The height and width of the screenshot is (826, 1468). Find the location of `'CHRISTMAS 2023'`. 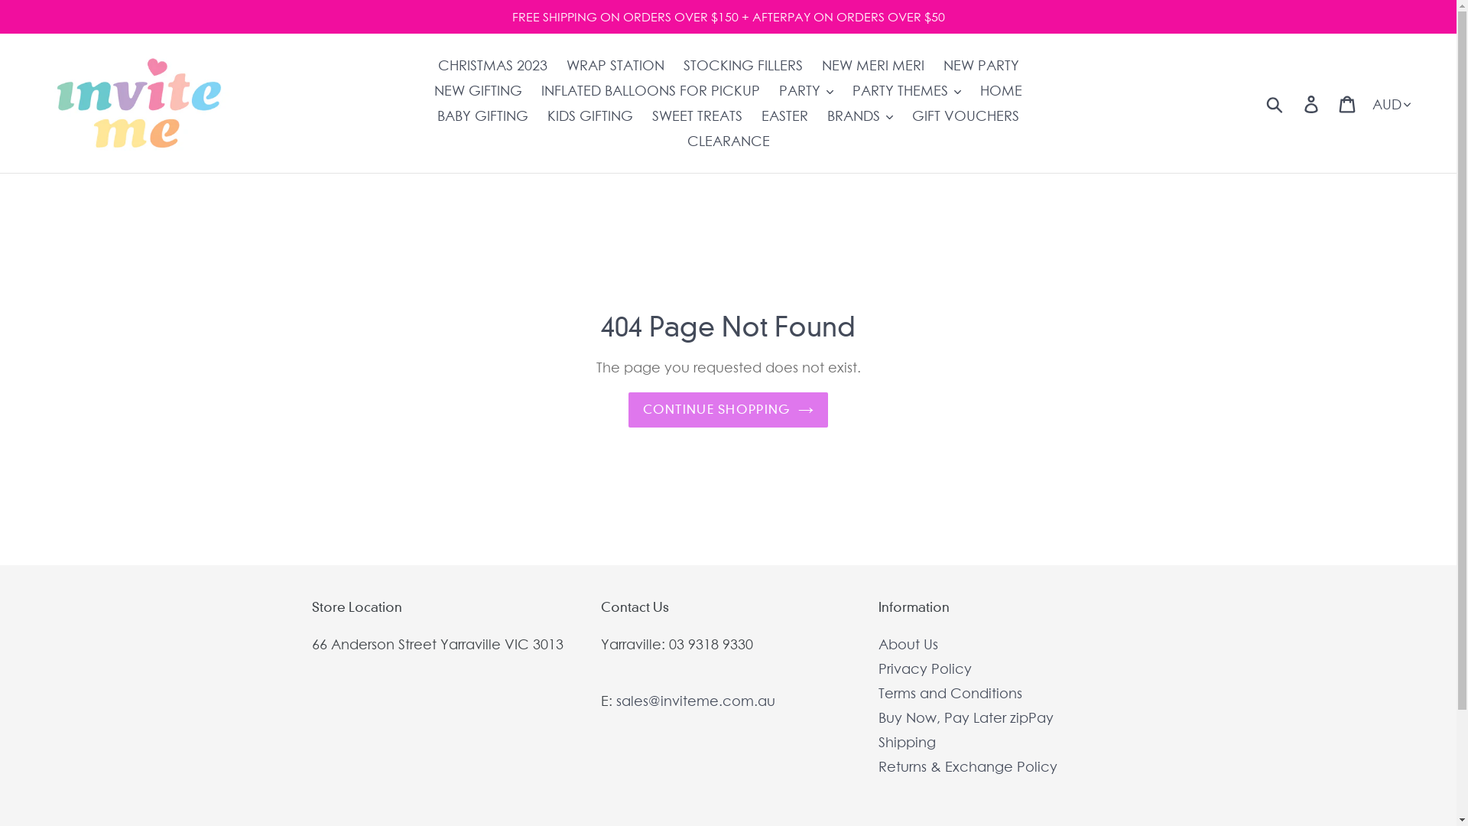

'CHRISTMAS 2023' is located at coordinates (492, 64).